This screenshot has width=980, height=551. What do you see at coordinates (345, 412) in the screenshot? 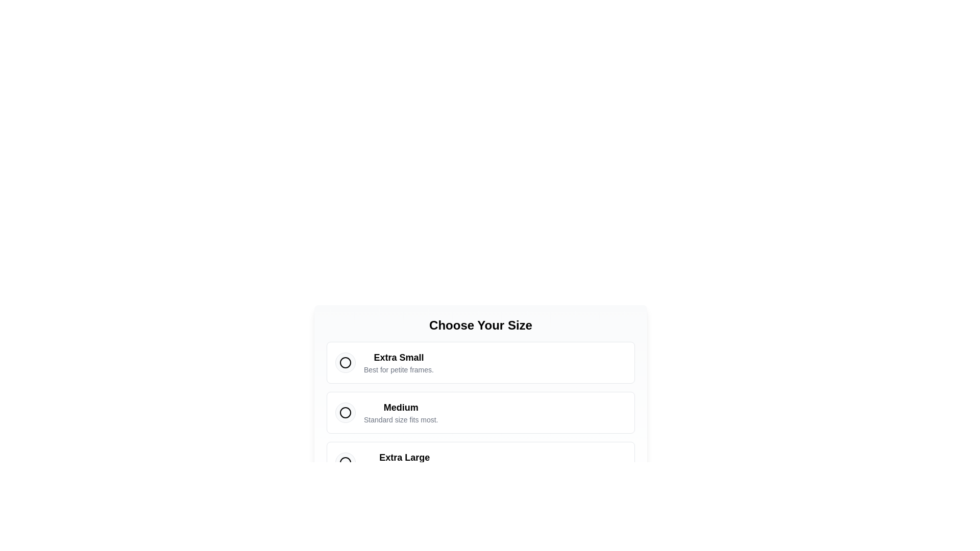
I see `the circular SVG element inside the highlighted radio button for the 'Medium' size option` at bounding box center [345, 412].